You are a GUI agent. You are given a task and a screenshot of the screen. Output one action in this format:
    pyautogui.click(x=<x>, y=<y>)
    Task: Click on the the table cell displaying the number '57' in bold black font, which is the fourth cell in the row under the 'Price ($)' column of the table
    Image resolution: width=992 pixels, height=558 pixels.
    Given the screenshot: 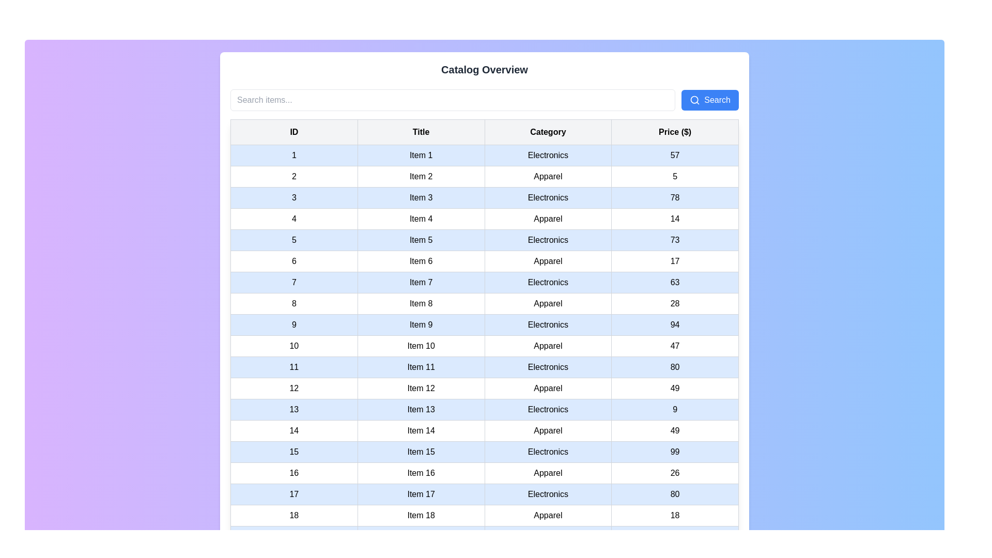 What is the action you would take?
    pyautogui.click(x=675, y=155)
    